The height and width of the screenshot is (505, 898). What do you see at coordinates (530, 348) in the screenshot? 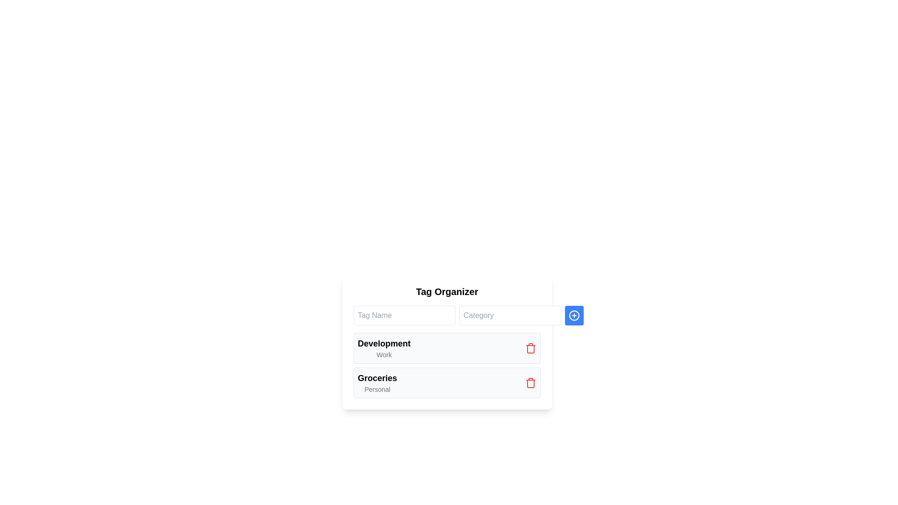
I see `the red trash can icon button located to the right of 'Development' and 'Work' in the 'Development | Work' section` at bounding box center [530, 348].